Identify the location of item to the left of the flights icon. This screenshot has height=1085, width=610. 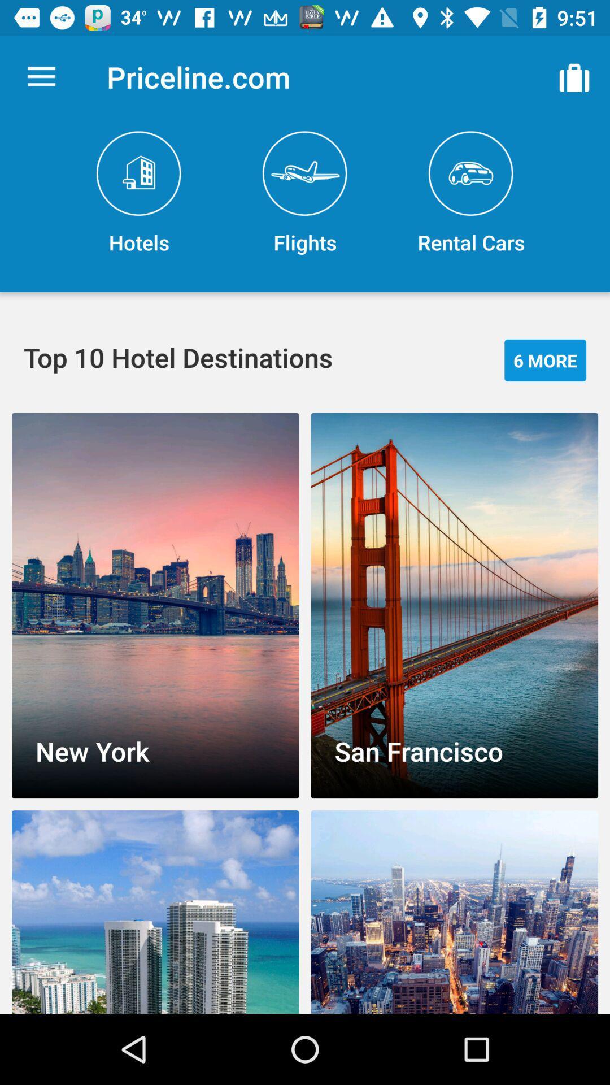
(138, 193).